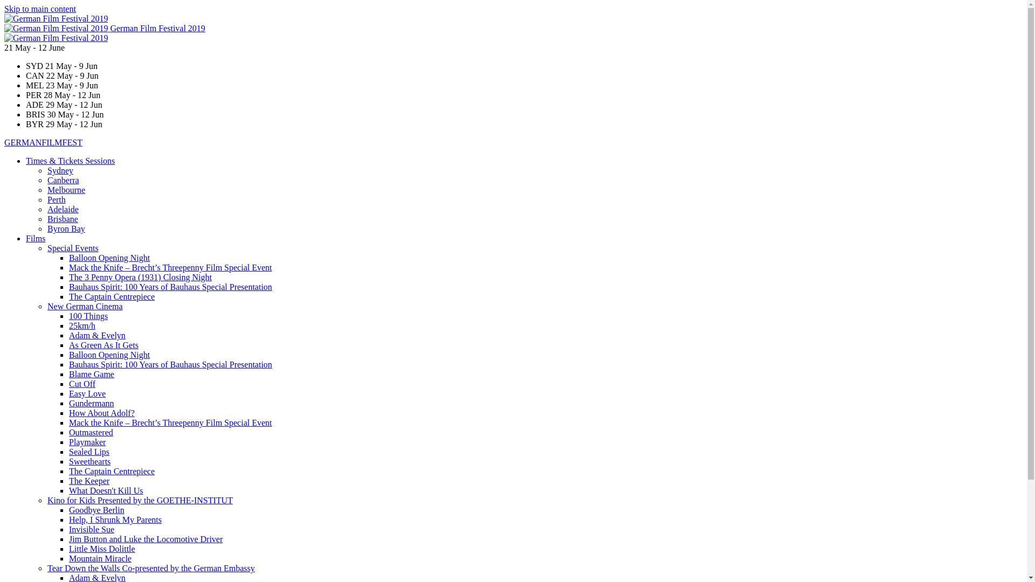 The image size is (1035, 582). I want to click on 'Sealed Lips', so click(89, 452).